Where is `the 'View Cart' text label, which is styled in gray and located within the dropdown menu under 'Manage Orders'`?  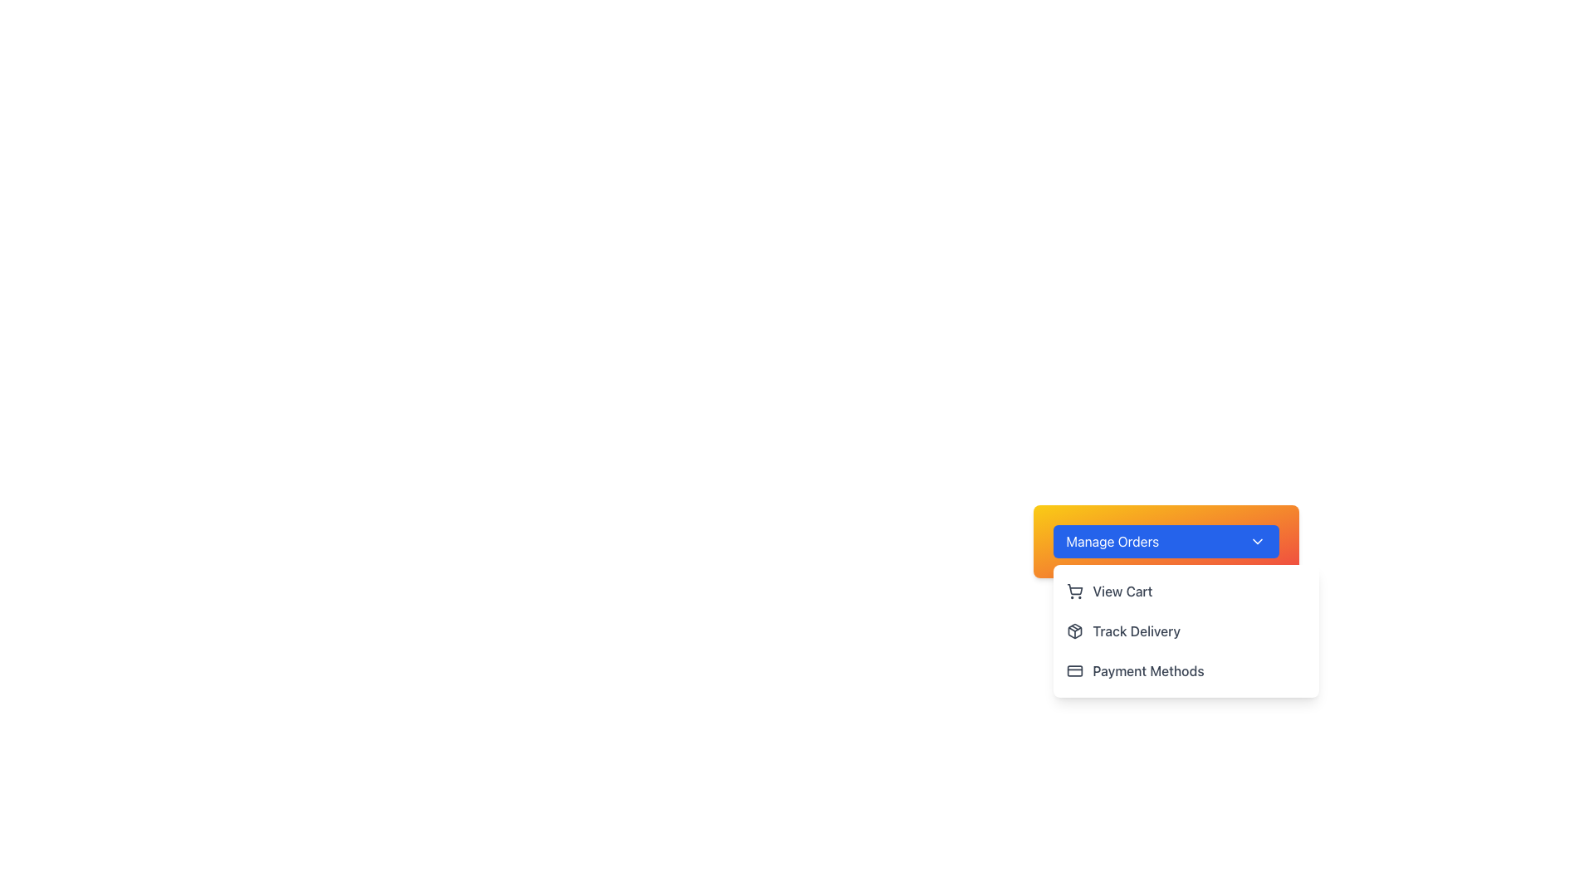
the 'View Cart' text label, which is styled in gray and located within the dropdown menu under 'Manage Orders' is located at coordinates (1122, 591).